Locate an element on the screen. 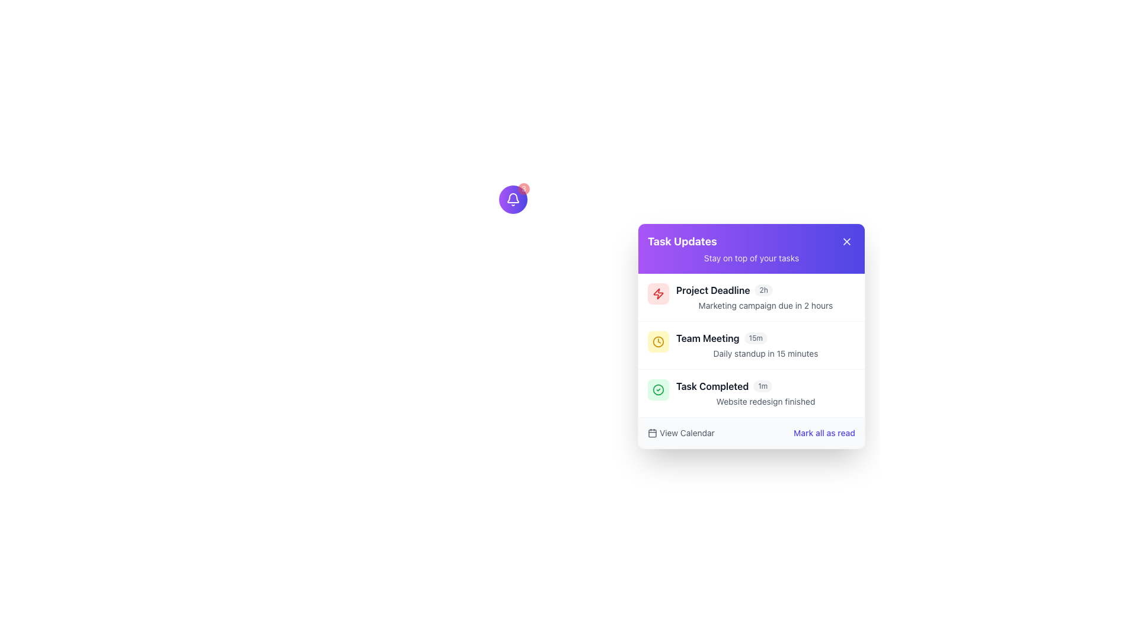 The height and width of the screenshot is (640, 1138). the Icon badge that indicates the time-related context for the 'Team Meeting' task, located within the 'Task Updates' notification card in the second row is located at coordinates (657, 342).